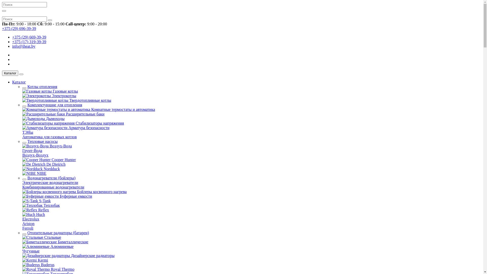  Describe the element at coordinates (35, 210) in the screenshot. I see `'Reflex'` at that location.